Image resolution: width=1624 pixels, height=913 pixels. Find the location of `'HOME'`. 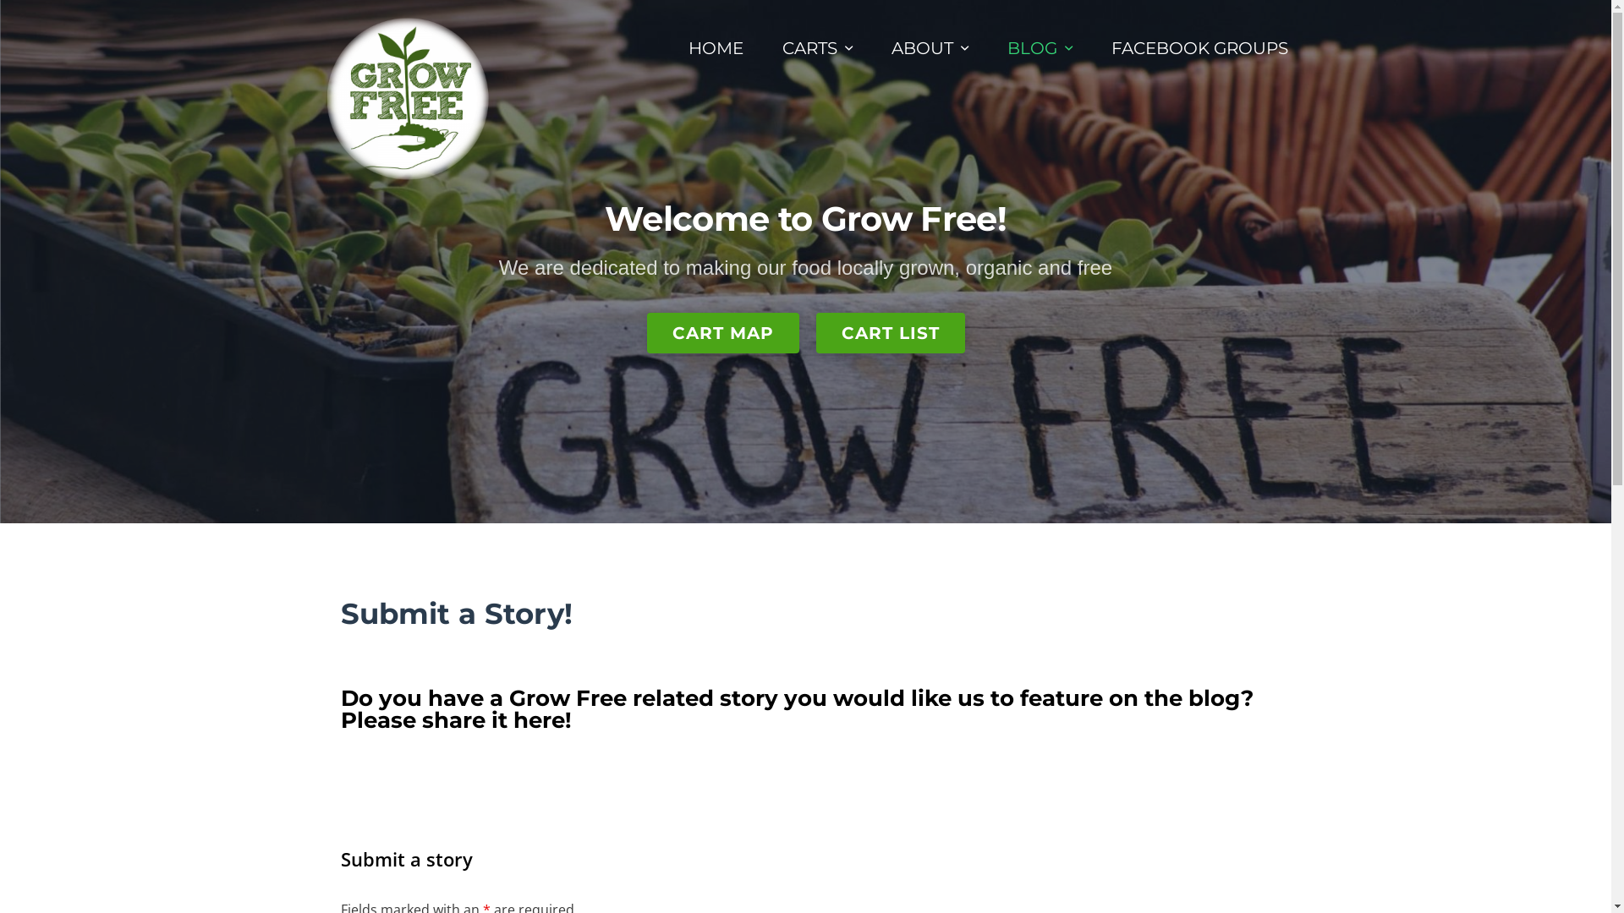

'HOME' is located at coordinates (716, 47).